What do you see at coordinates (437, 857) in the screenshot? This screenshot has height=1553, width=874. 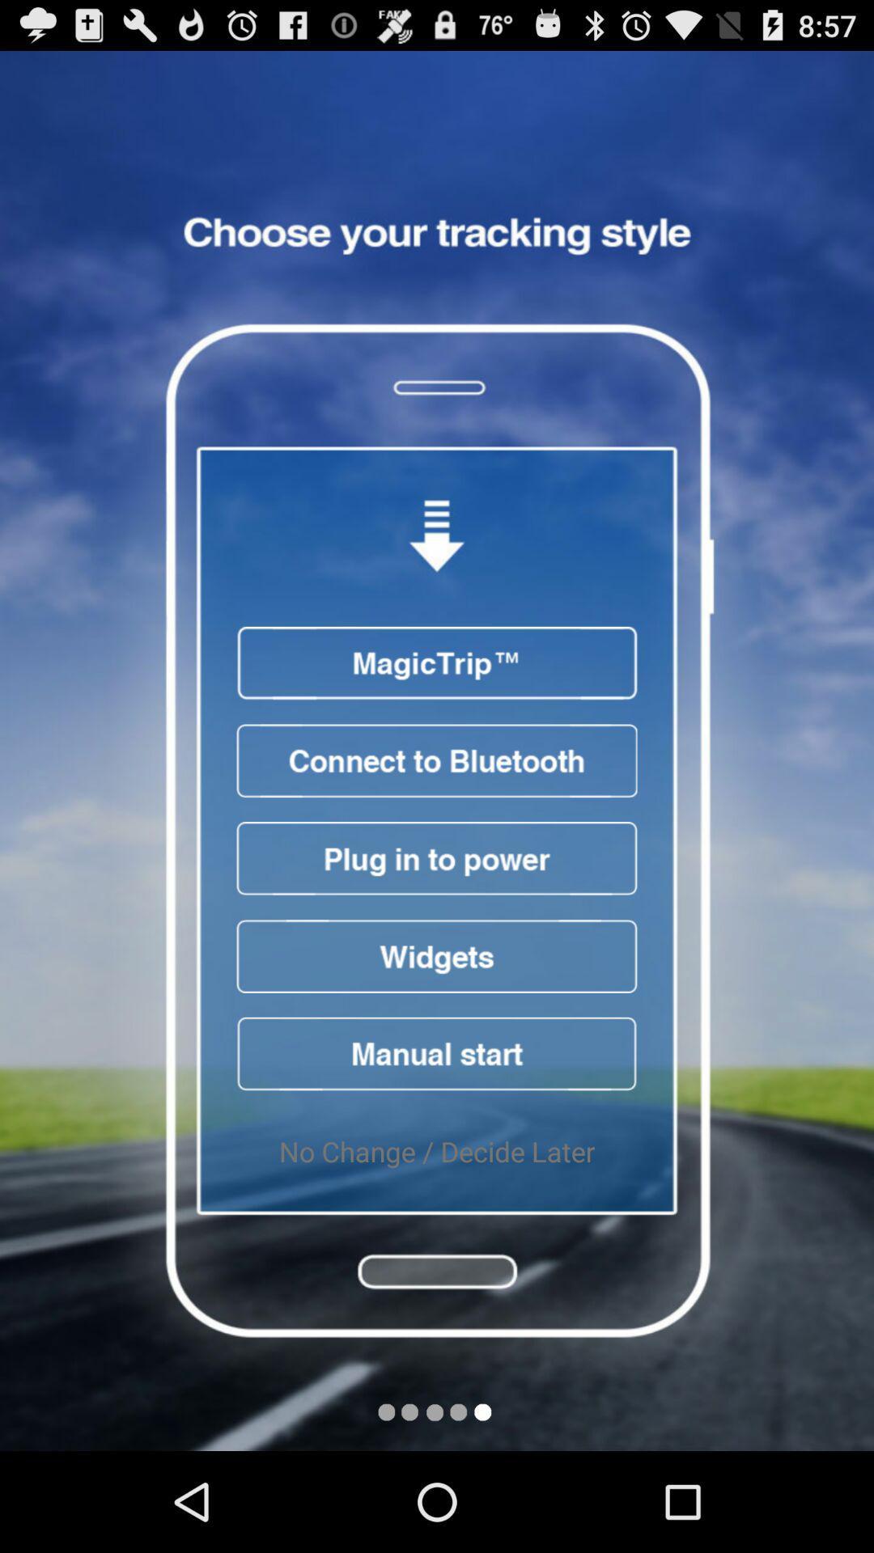 I see `plug in to power` at bounding box center [437, 857].